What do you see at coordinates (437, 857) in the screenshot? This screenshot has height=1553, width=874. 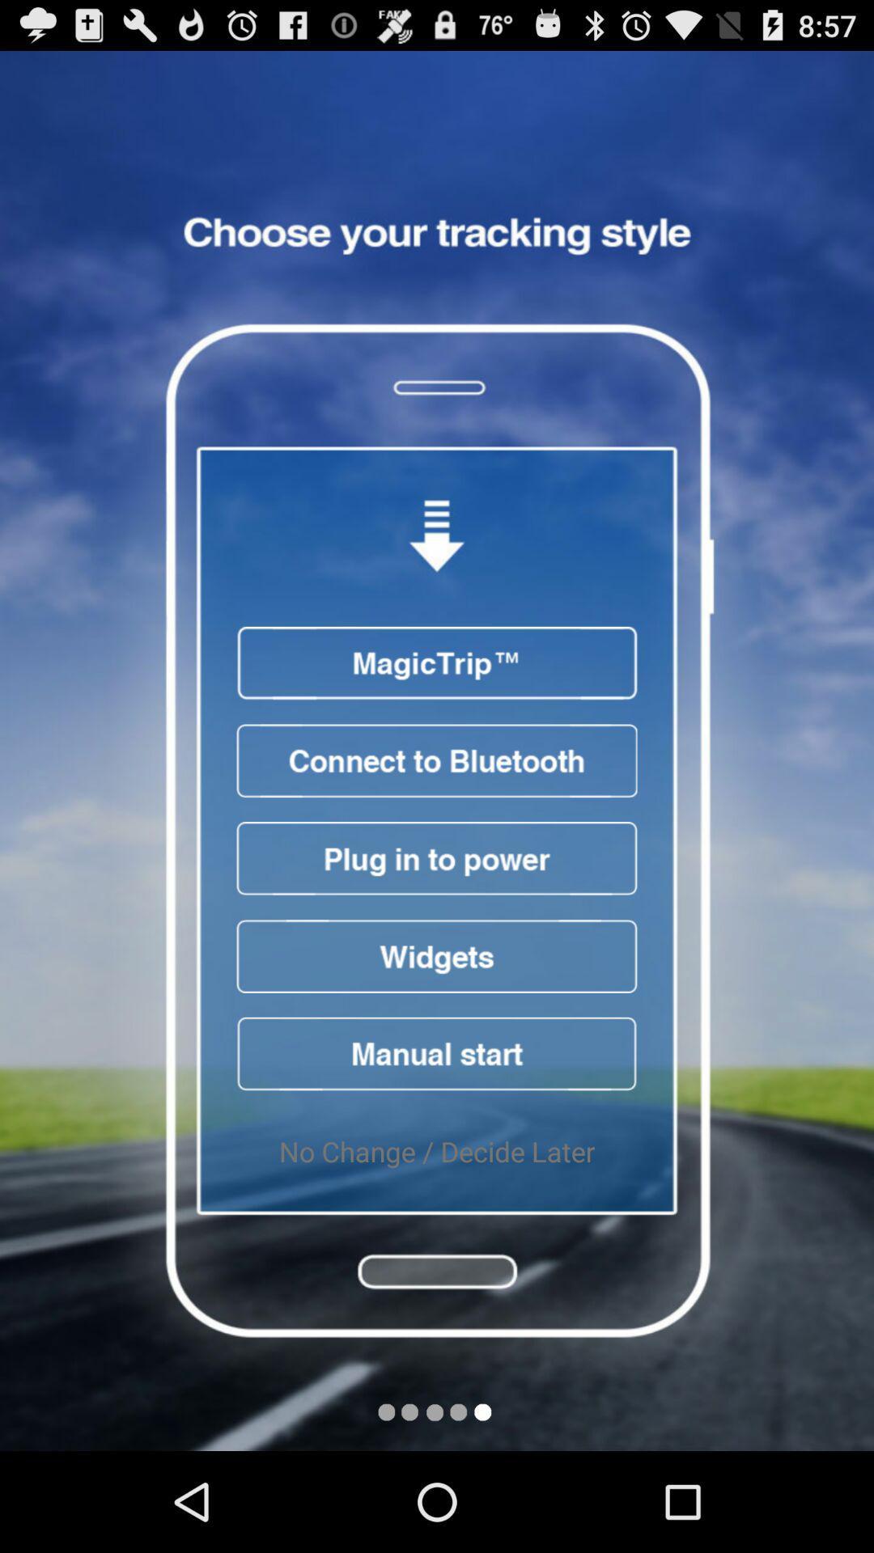 I see `plug in to power` at bounding box center [437, 857].